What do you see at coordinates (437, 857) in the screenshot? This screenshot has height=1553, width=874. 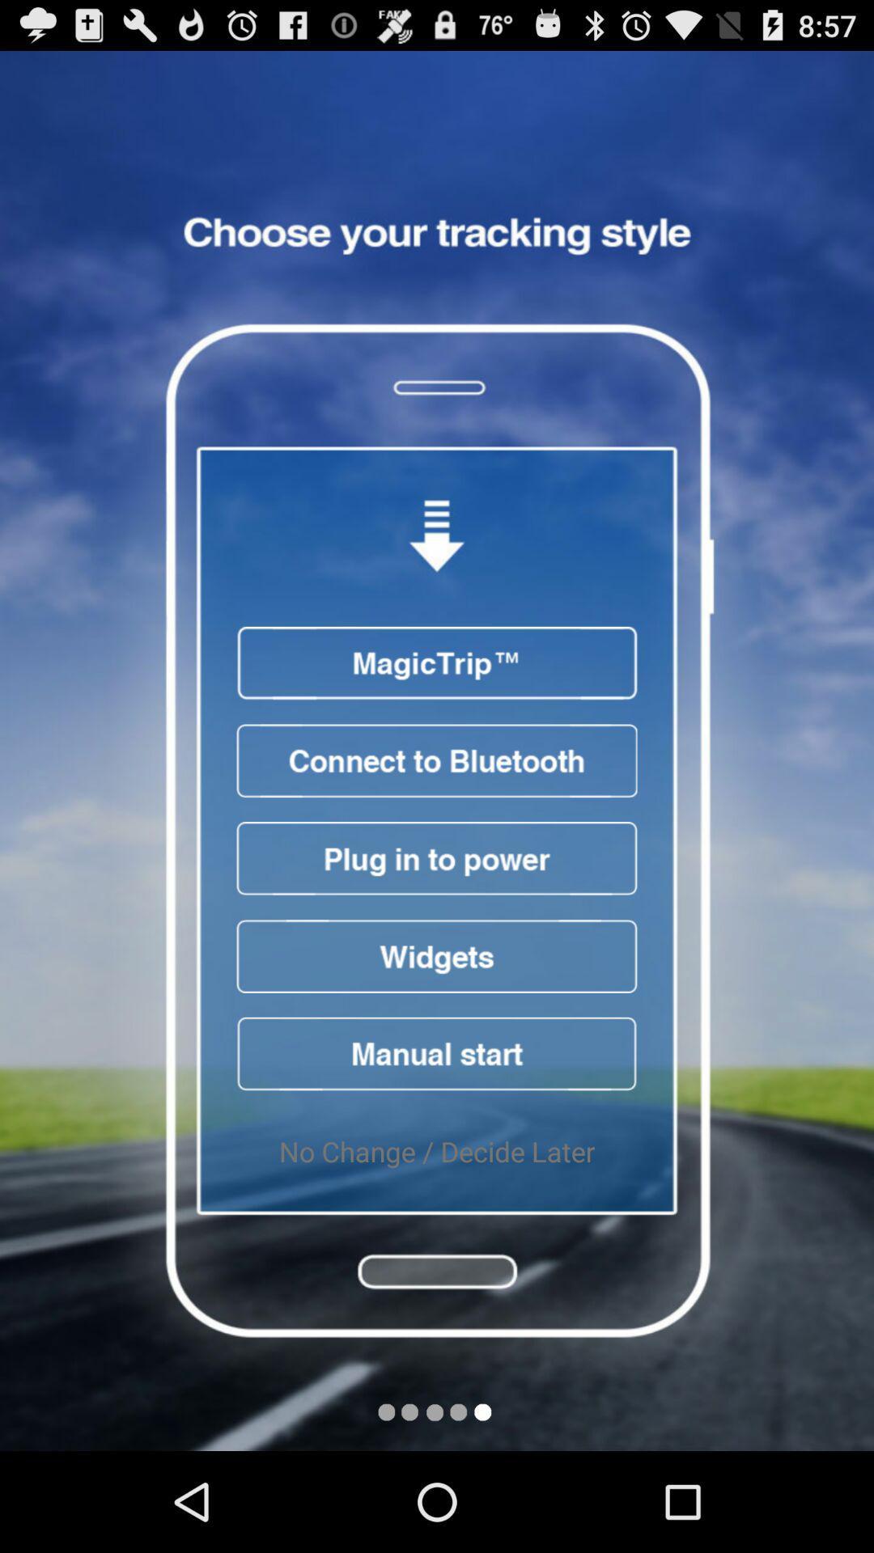 I see `plug in to power` at bounding box center [437, 857].